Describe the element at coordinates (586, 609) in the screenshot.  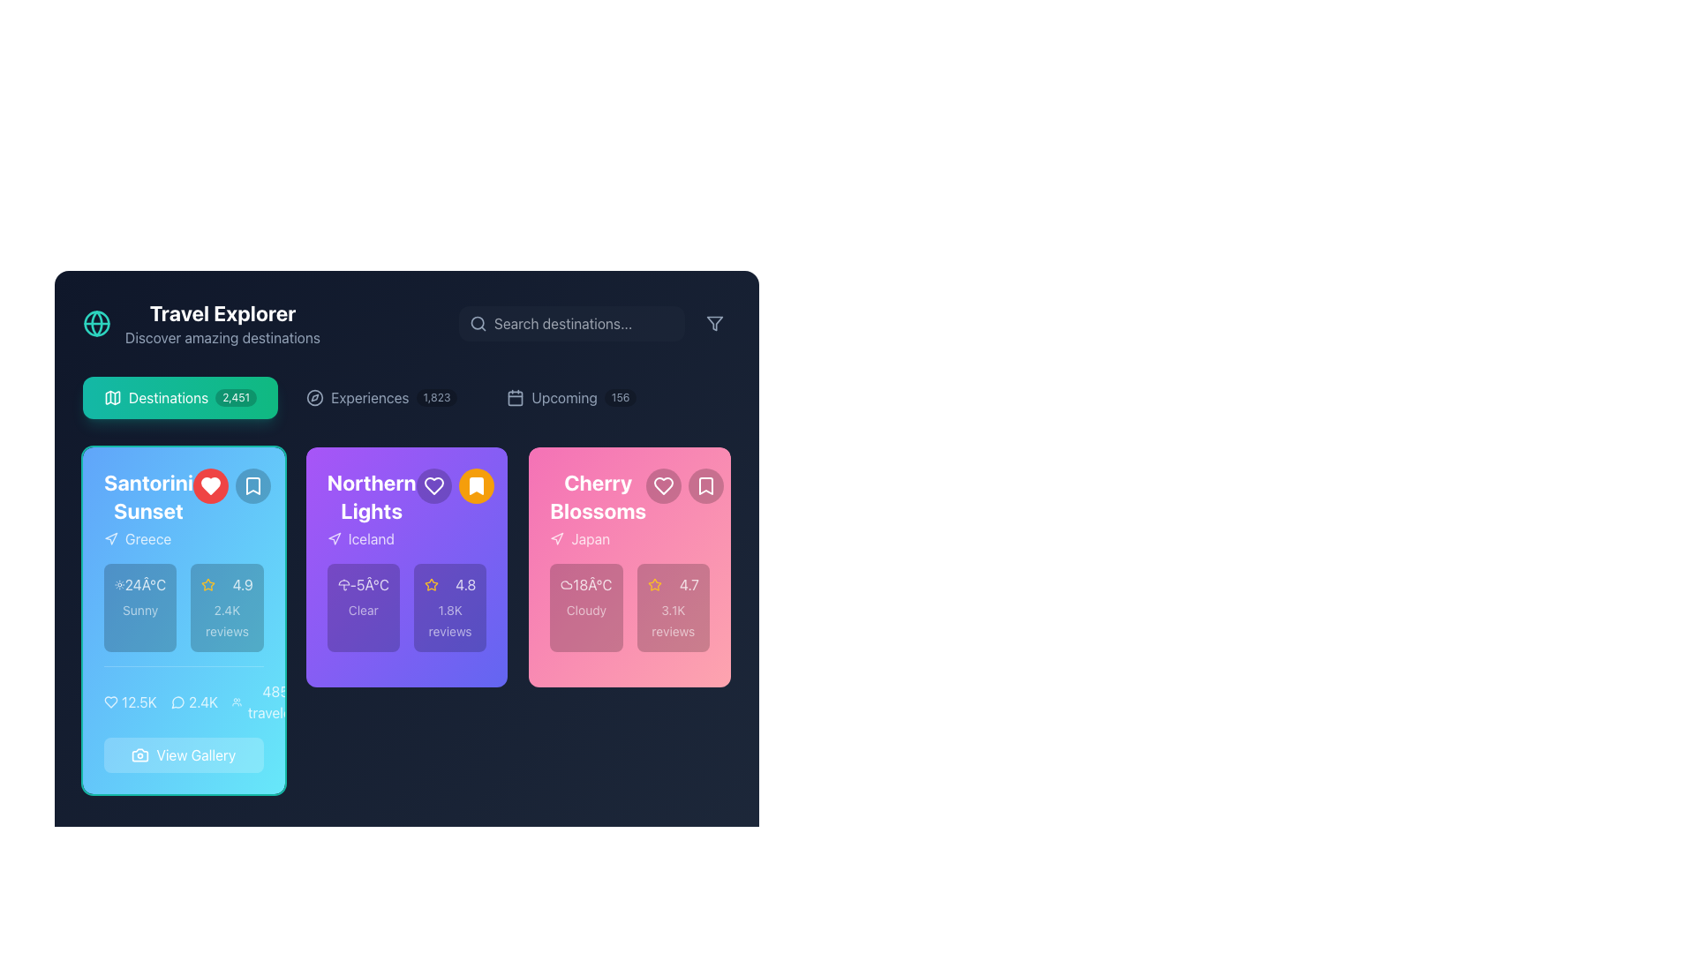
I see `the text label displaying 'Cloudy' located at the bottom-center of the pink card labeled 'Cherry Blossoms'` at that location.